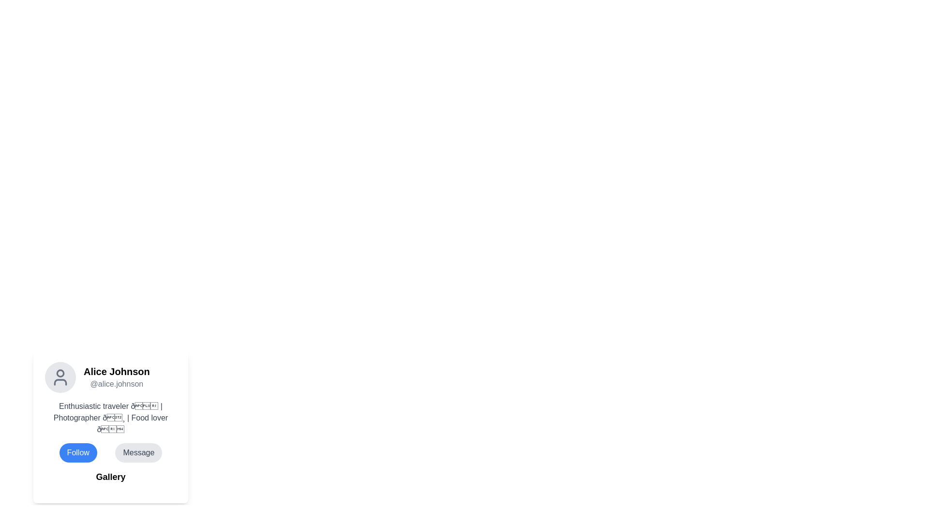 The width and height of the screenshot is (929, 522). I want to click on the 'Message' button with a light gray background and dark gray text, so click(138, 453).